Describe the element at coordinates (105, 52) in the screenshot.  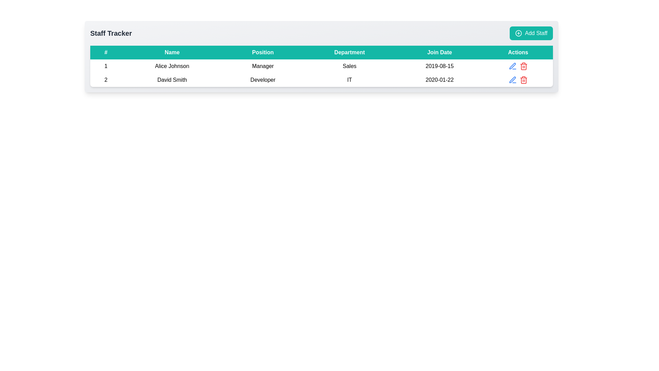
I see `the first column header in the table, which is labeled for serial numbers or order of entries, located at the top-left section of the header row` at that location.